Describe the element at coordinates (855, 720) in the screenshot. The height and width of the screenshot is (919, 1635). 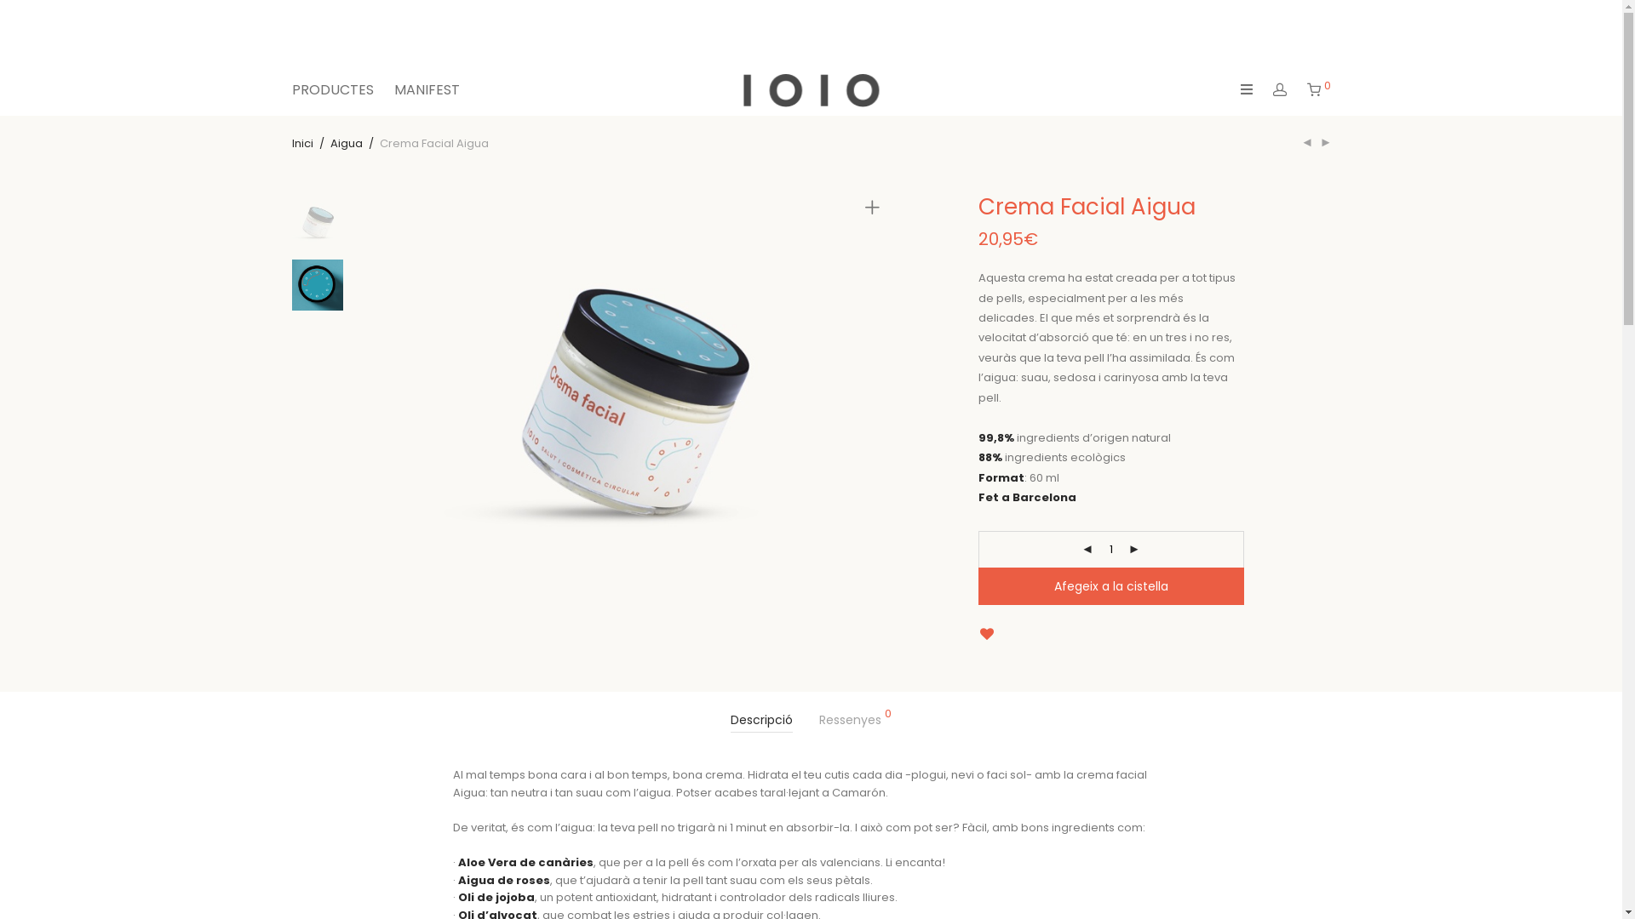
I see `'Ressenyes 0'` at that location.